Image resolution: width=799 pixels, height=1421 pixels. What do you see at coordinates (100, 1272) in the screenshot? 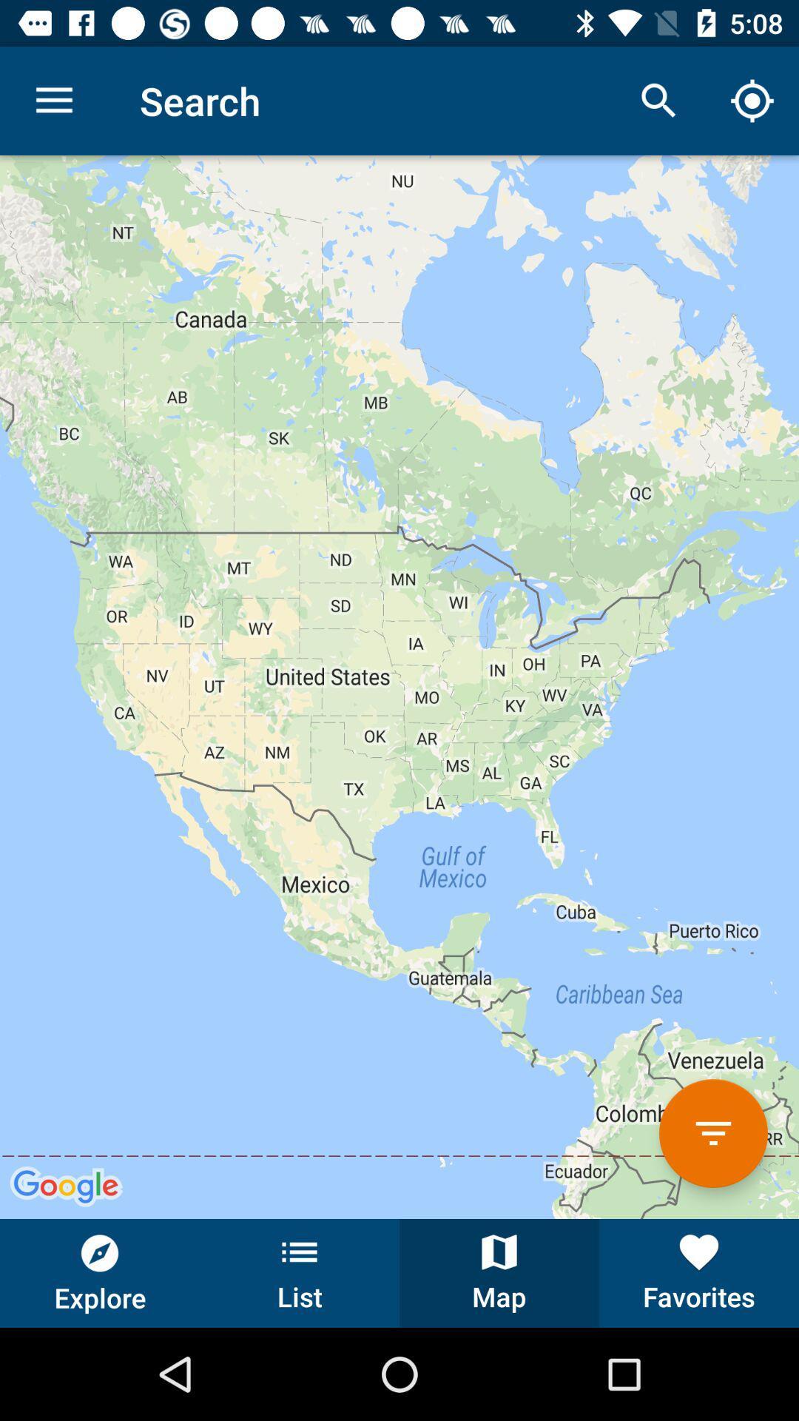
I see `item next to list button` at bounding box center [100, 1272].